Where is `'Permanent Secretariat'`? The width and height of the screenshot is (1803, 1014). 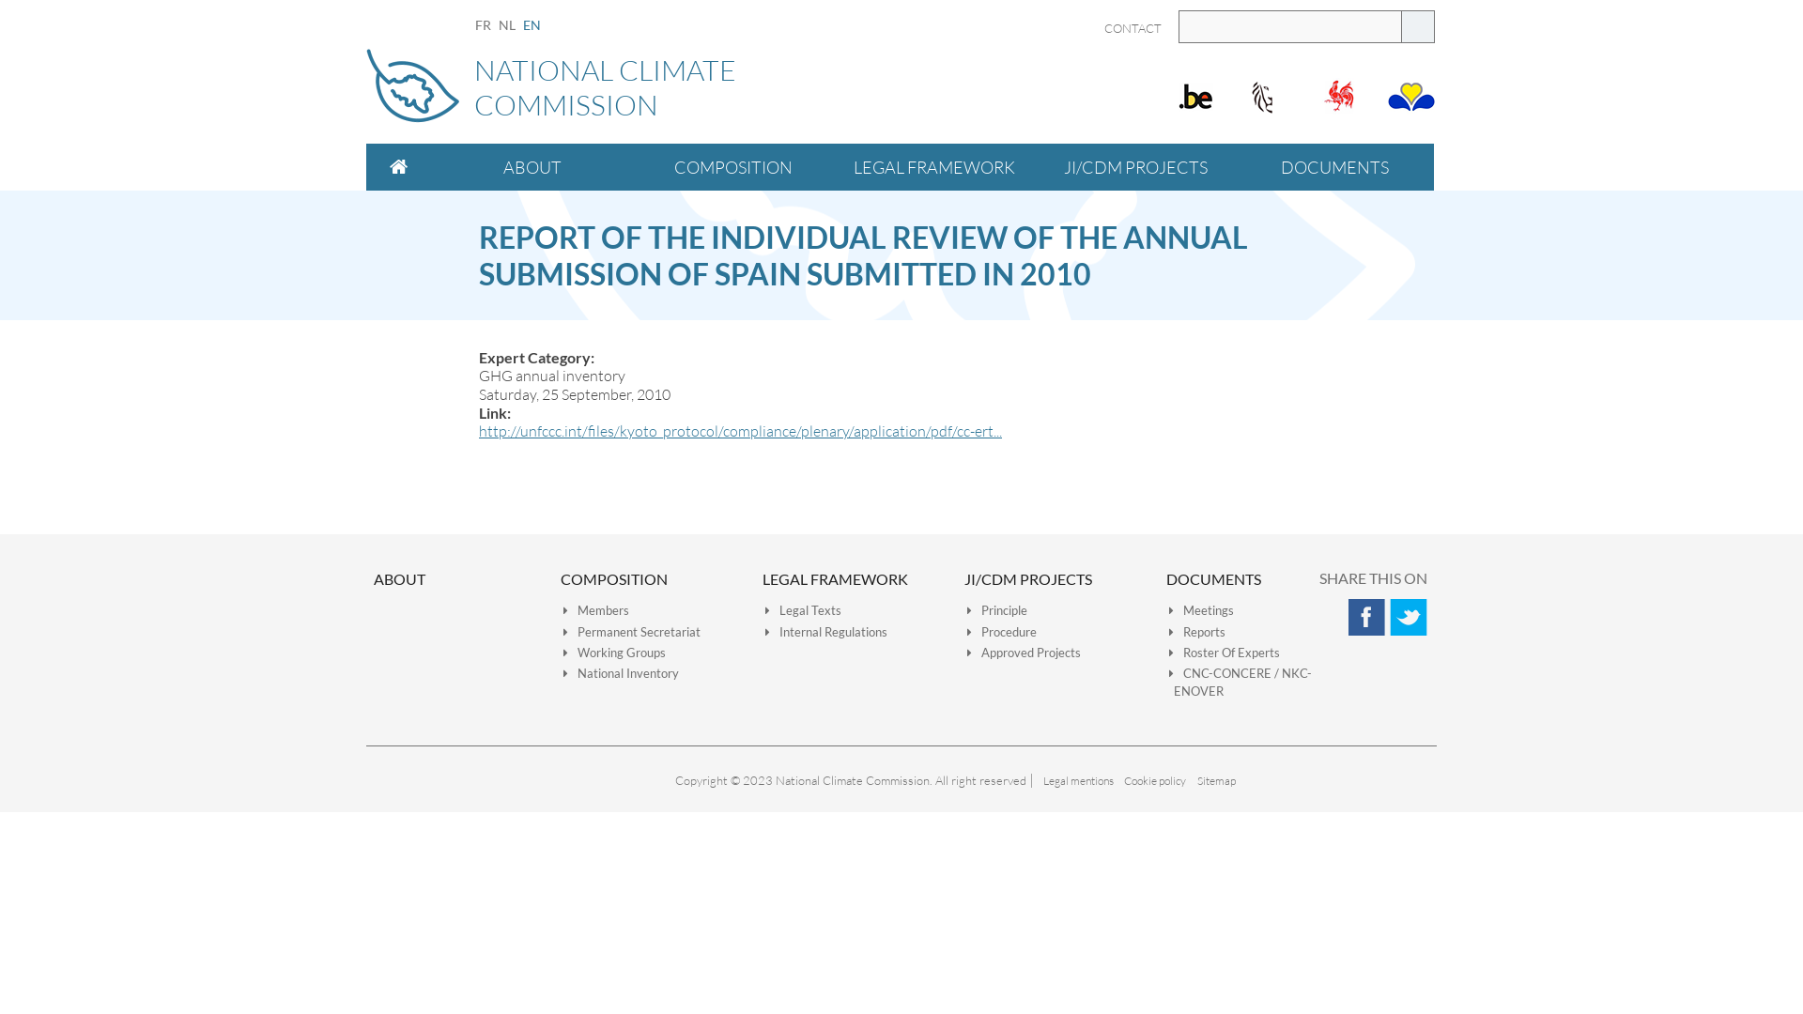
'Permanent Secretariat' is located at coordinates (562, 631).